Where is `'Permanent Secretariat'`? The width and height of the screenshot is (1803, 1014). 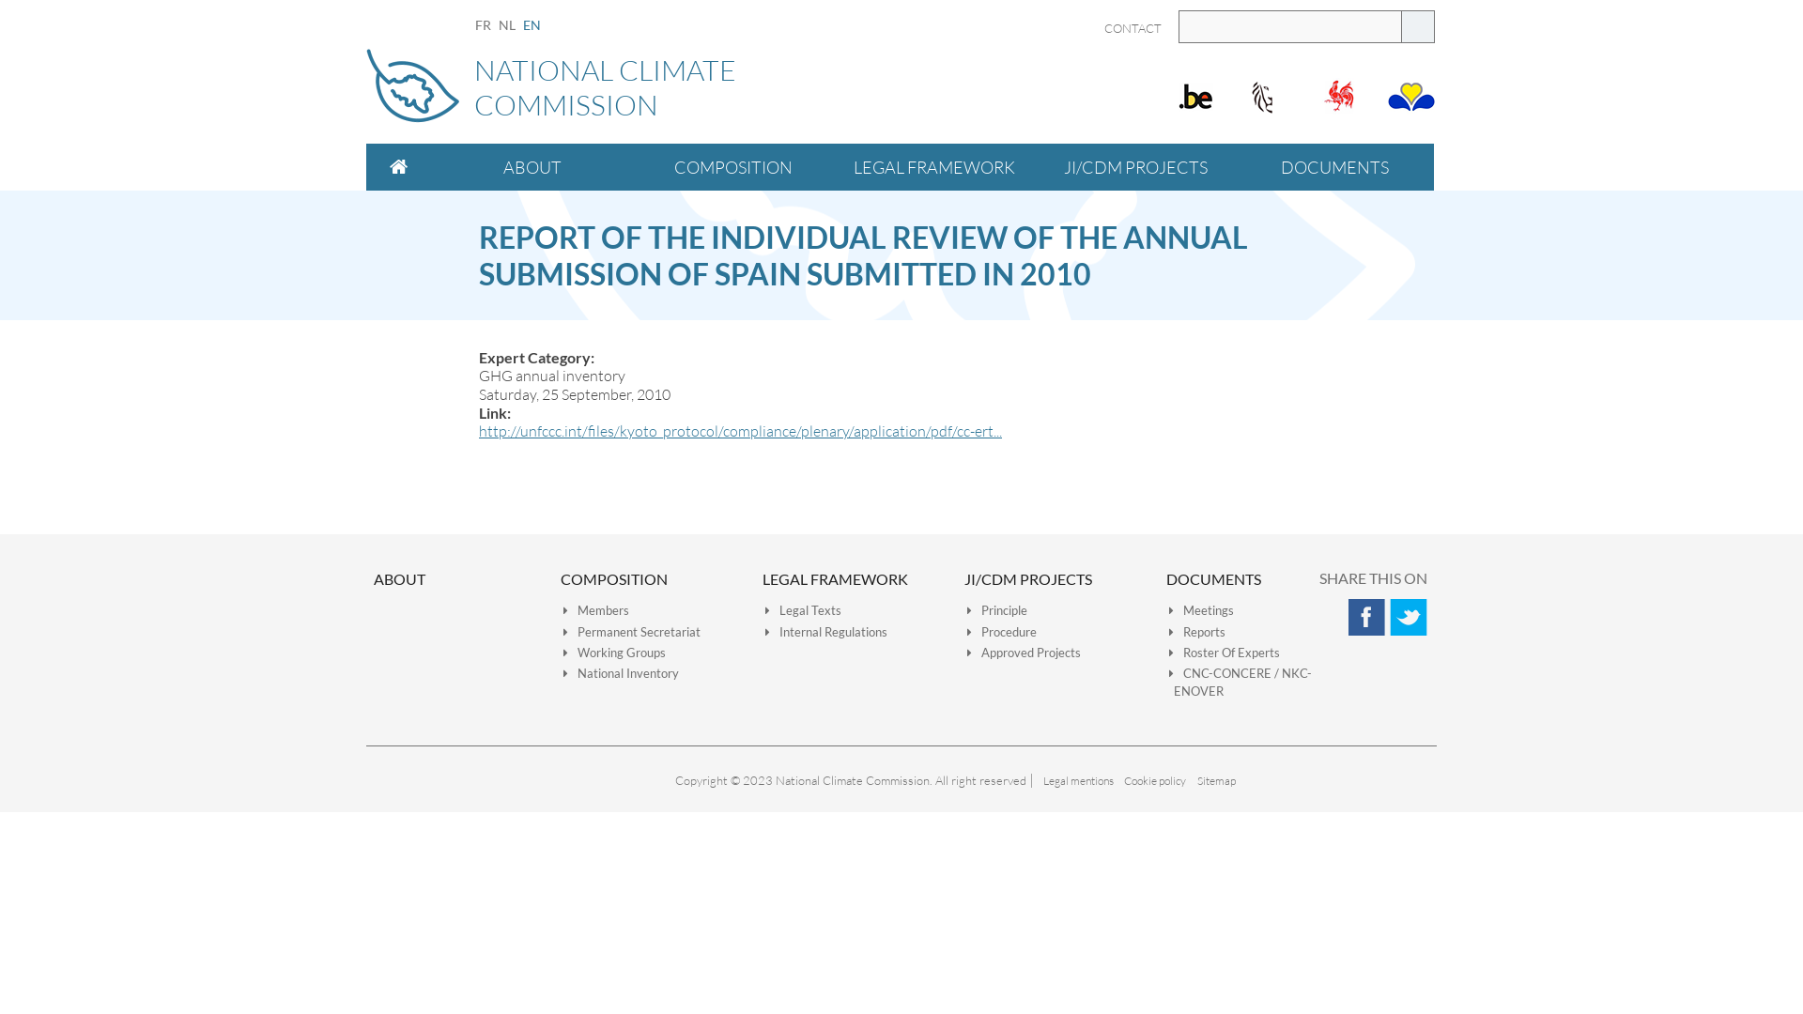
'Permanent Secretariat' is located at coordinates (562, 631).